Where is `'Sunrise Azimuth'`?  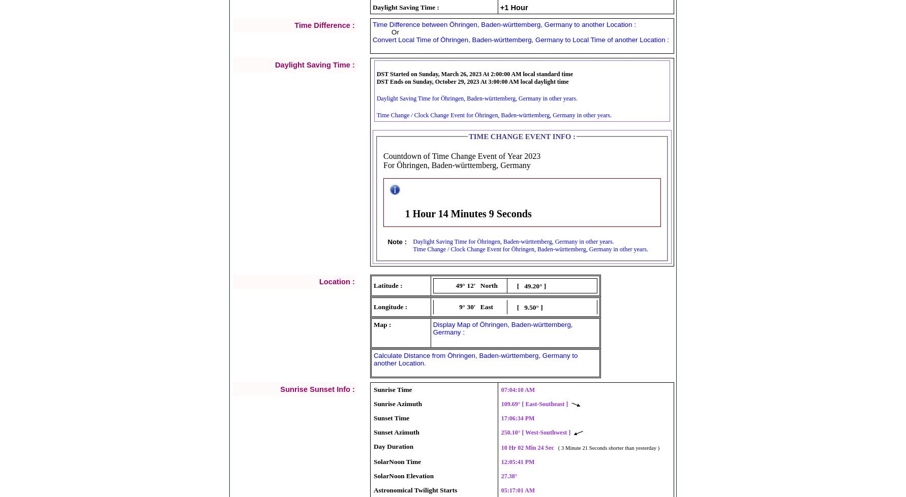
'Sunrise Azimuth' is located at coordinates (373, 403).